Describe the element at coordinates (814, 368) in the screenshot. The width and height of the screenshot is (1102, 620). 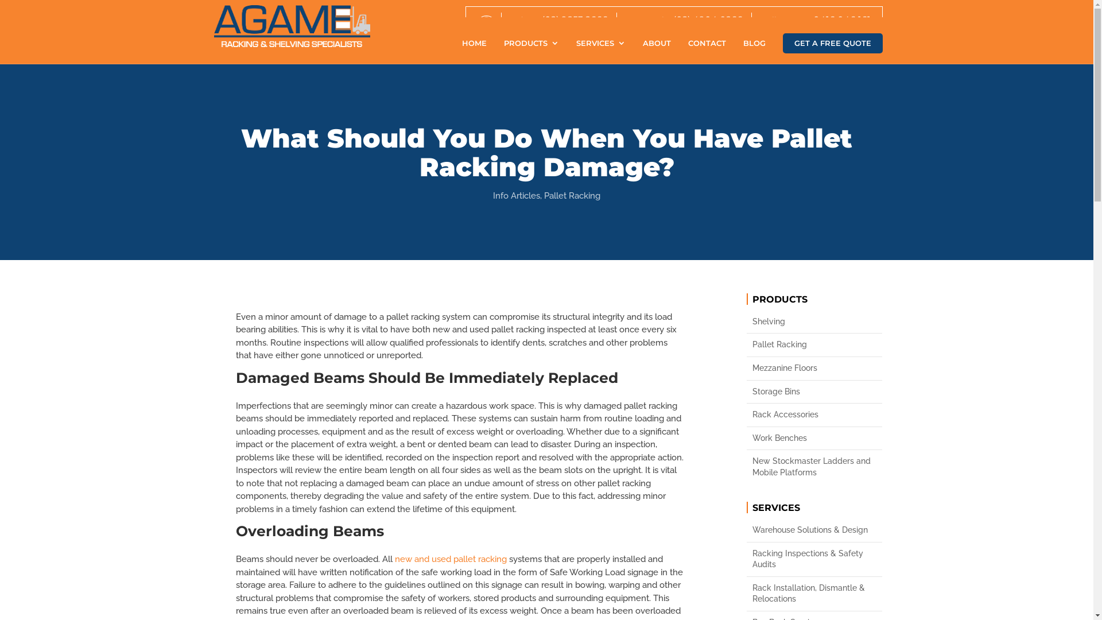
I see `'Mezzanine Floors'` at that location.